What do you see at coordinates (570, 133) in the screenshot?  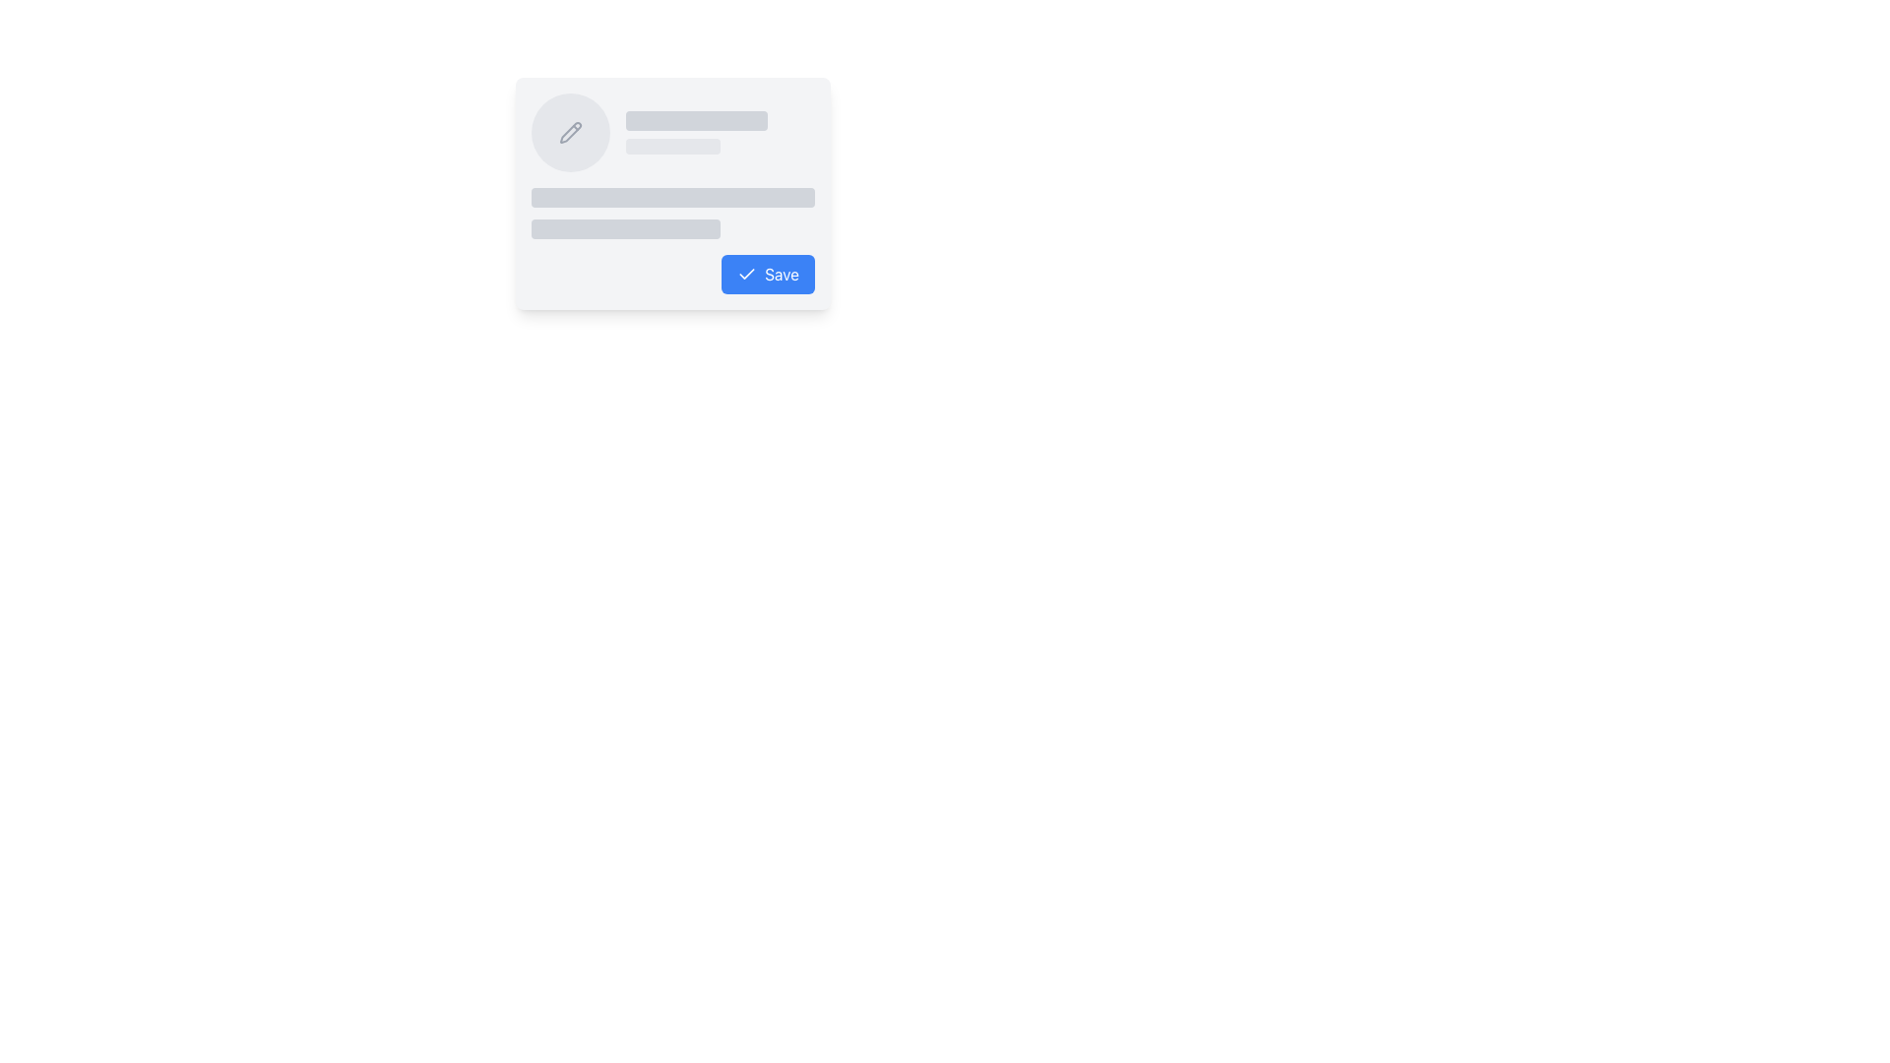 I see `the pencil icon located in the top-left corner of the frame` at bounding box center [570, 133].